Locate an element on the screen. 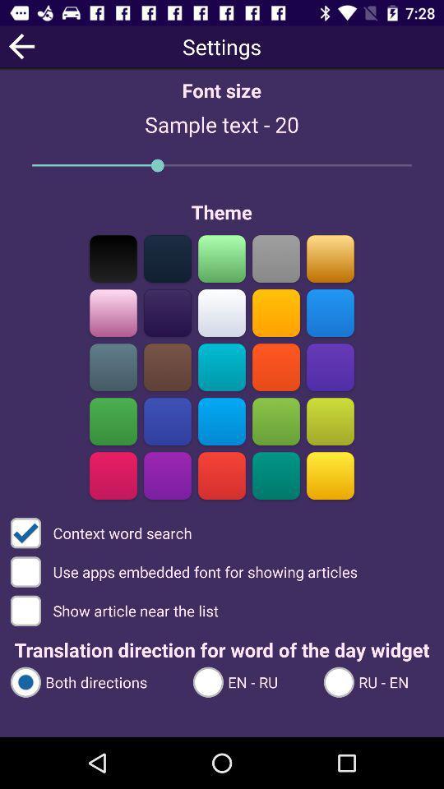 Image resolution: width=444 pixels, height=789 pixels. theme change option is located at coordinates (330, 475).